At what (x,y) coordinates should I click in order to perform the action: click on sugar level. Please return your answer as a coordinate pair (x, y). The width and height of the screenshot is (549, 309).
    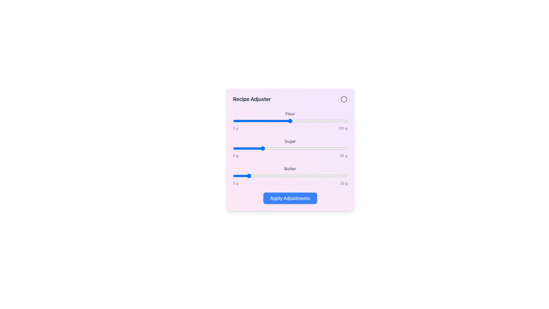
    Looking at the image, I should click on (276, 148).